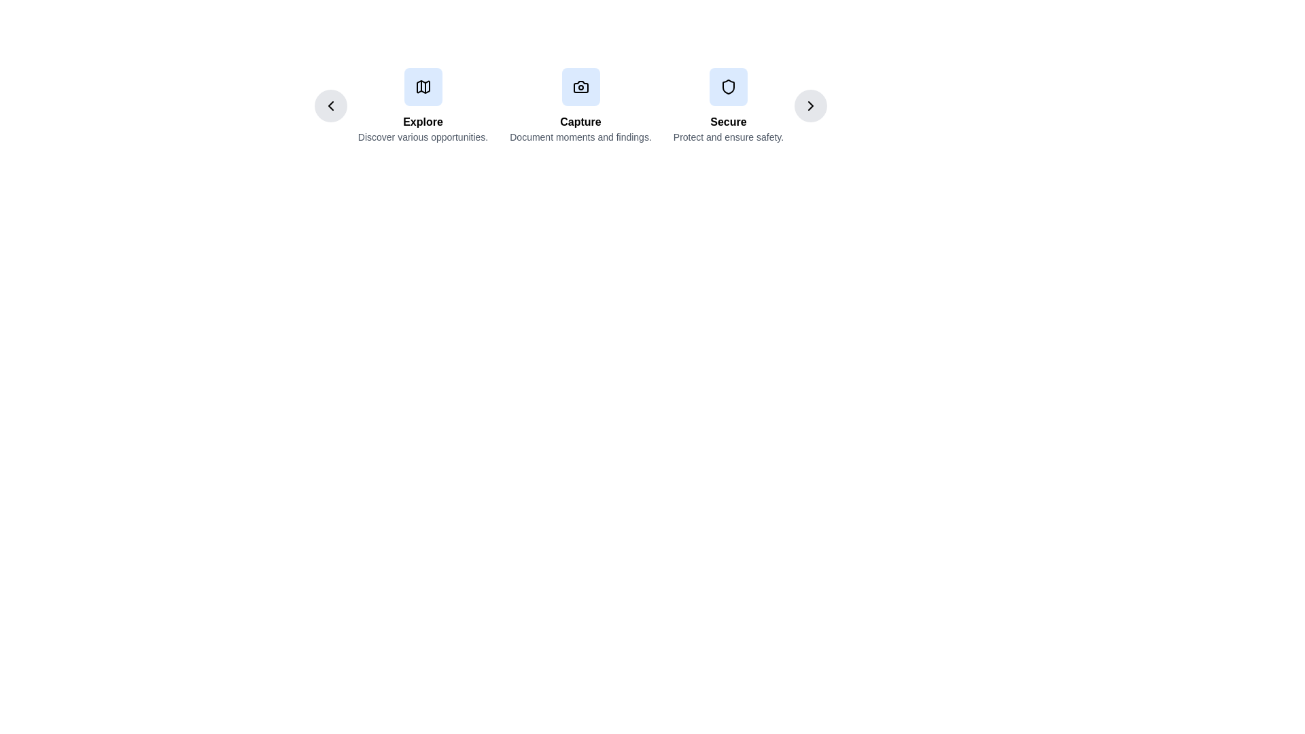  What do you see at coordinates (811, 105) in the screenshot?
I see `the small triangular arrow pointing right, which is black and minimalist, located near the right edge of the interface adjacent to the 'Secure' label` at bounding box center [811, 105].